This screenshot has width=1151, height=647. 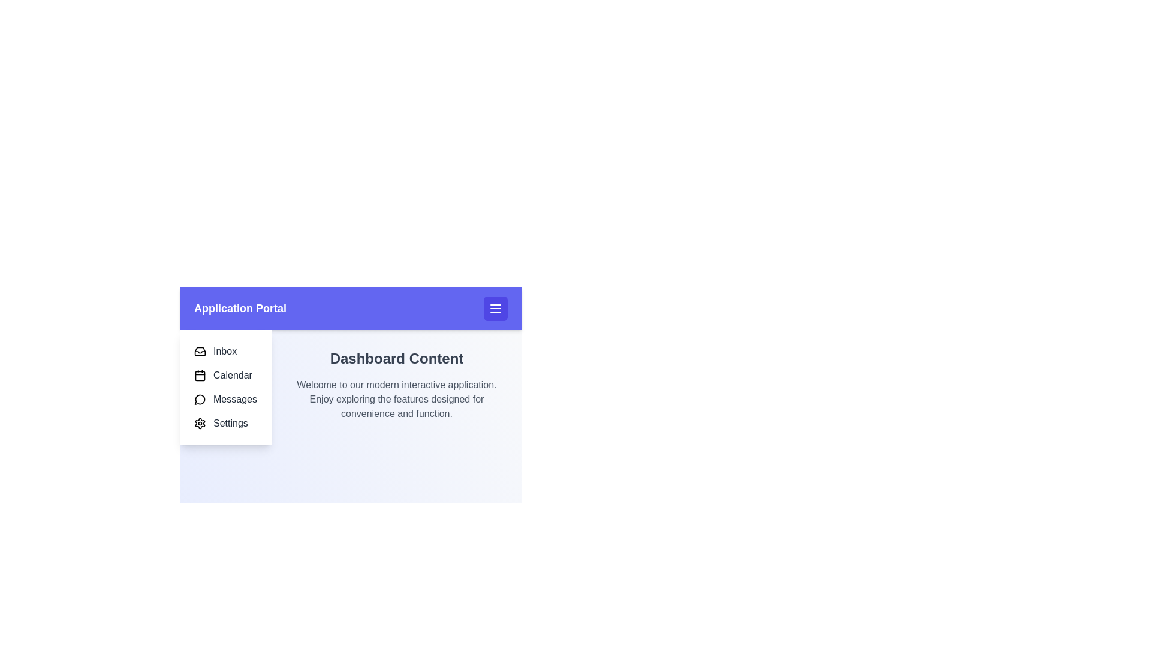 I want to click on the triangular SVG icon in the left sidebar navigation pane under the 'Inbox' section, which is styled with clean lines and modern design, so click(x=200, y=351).